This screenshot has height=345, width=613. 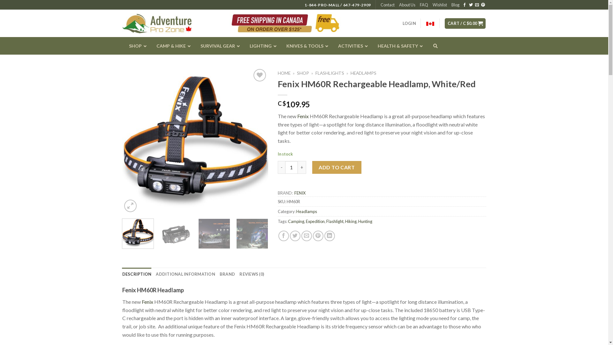 I want to click on 'Follow on Pinterest', so click(x=483, y=5).